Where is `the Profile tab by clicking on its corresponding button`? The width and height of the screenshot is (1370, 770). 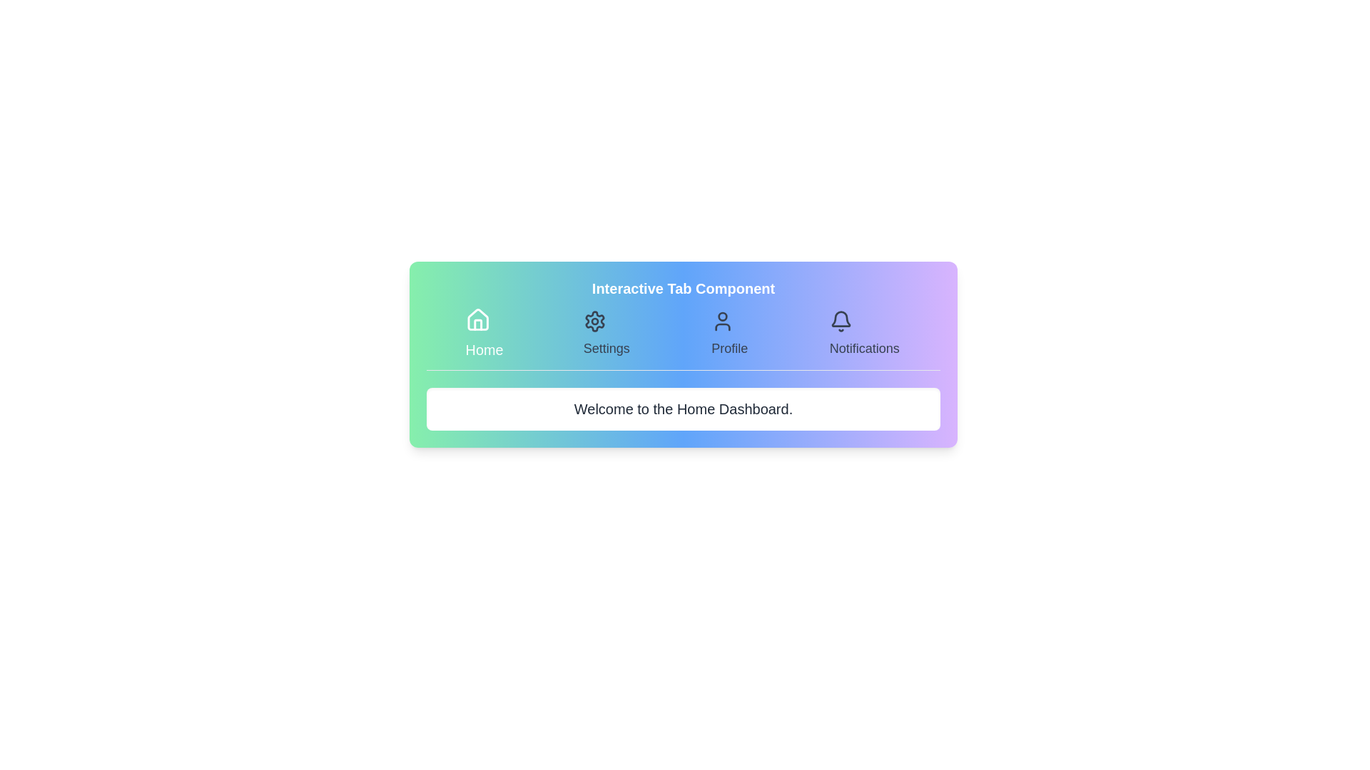 the Profile tab by clicking on its corresponding button is located at coordinates (729, 334).